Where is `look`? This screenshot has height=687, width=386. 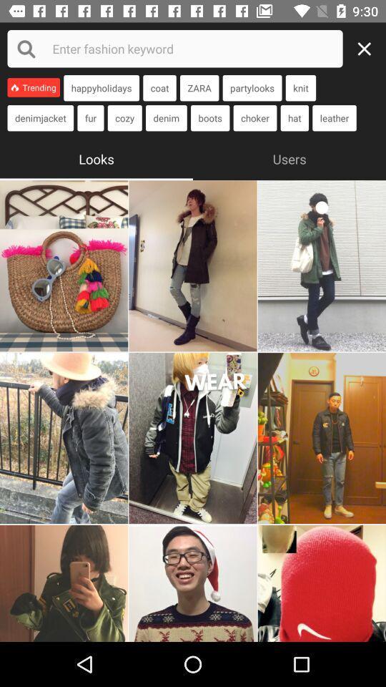
look is located at coordinates (193, 265).